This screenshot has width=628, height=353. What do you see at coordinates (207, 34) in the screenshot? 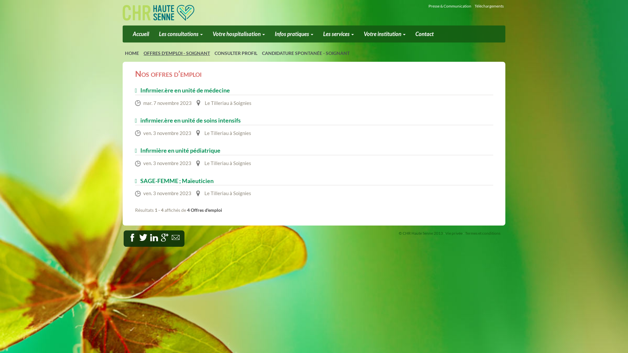
I see `'Votre hospitalisation'` at bounding box center [207, 34].